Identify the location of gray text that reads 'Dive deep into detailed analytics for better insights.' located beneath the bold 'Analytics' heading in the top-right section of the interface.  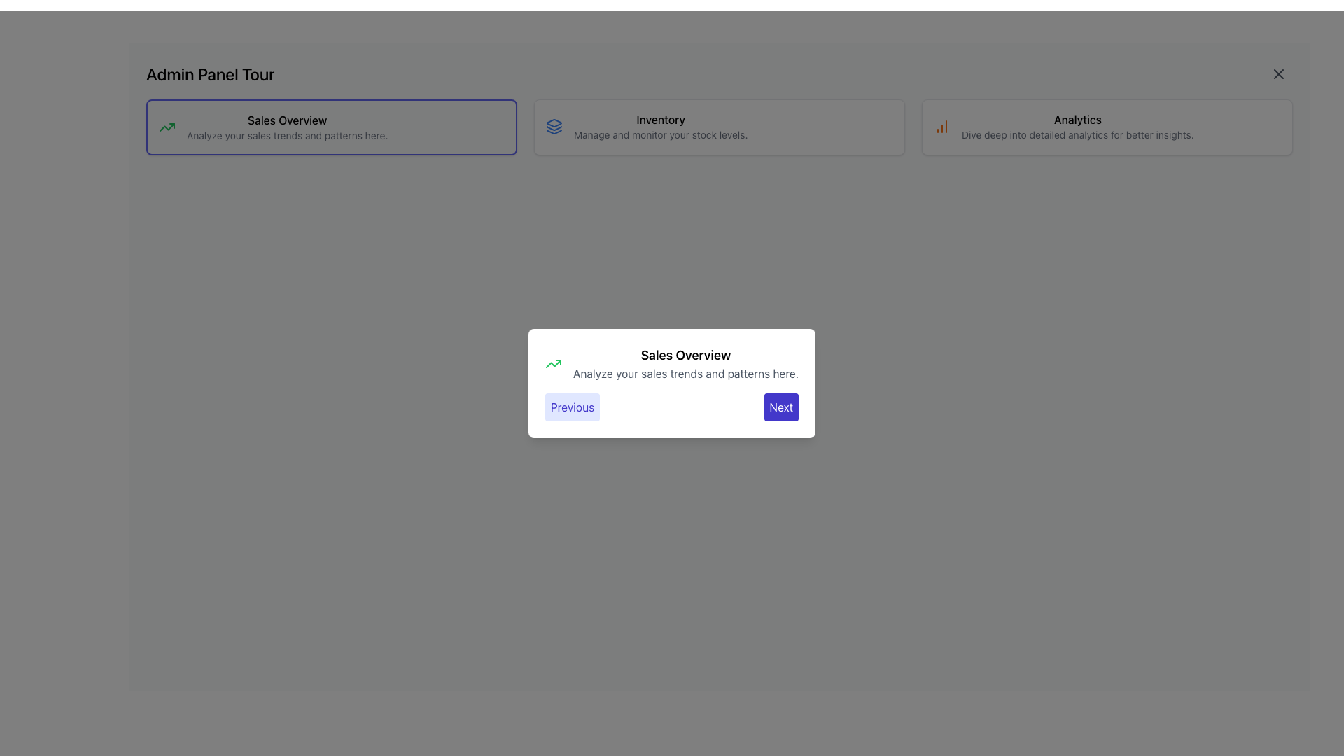
(1077, 134).